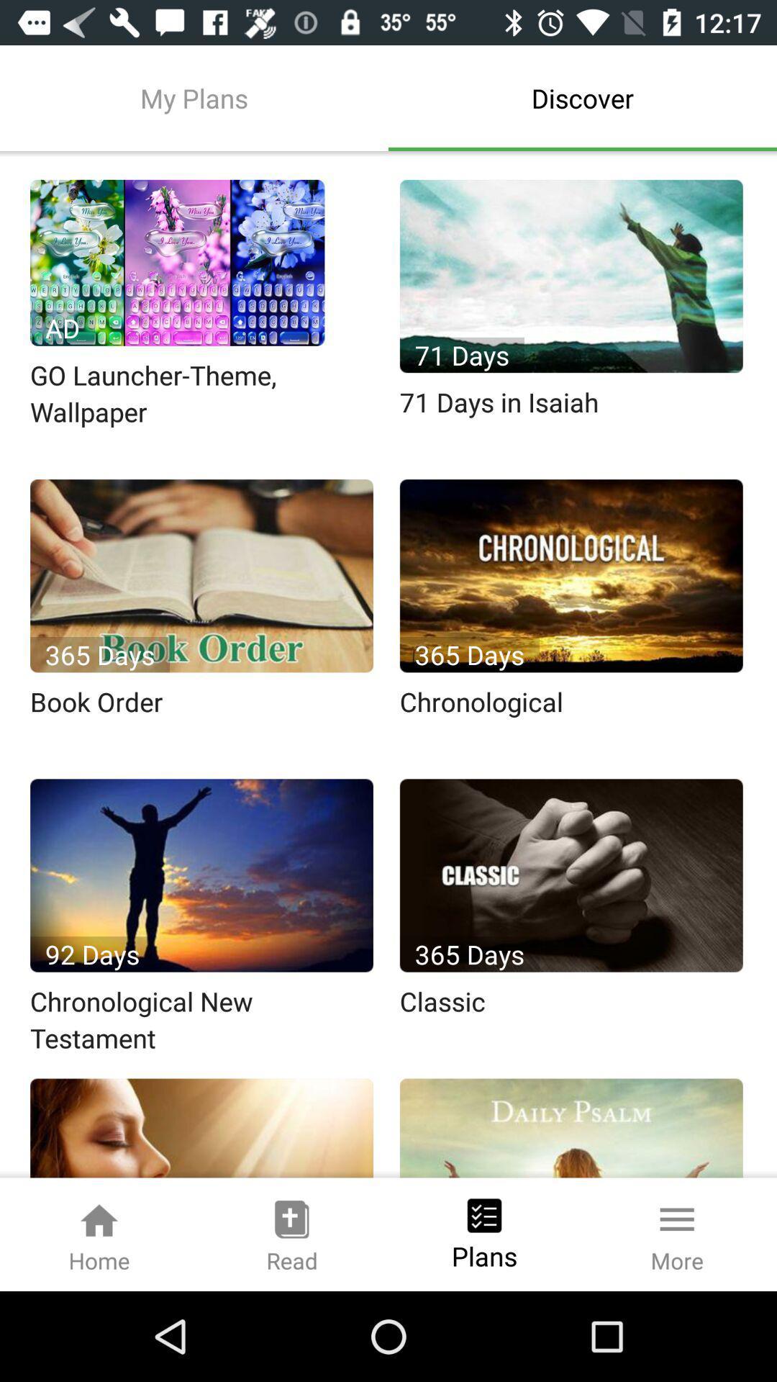 Image resolution: width=777 pixels, height=1382 pixels. Describe the element at coordinates (62, 328) in the screenshot. I see `the text on the first image` at that location.